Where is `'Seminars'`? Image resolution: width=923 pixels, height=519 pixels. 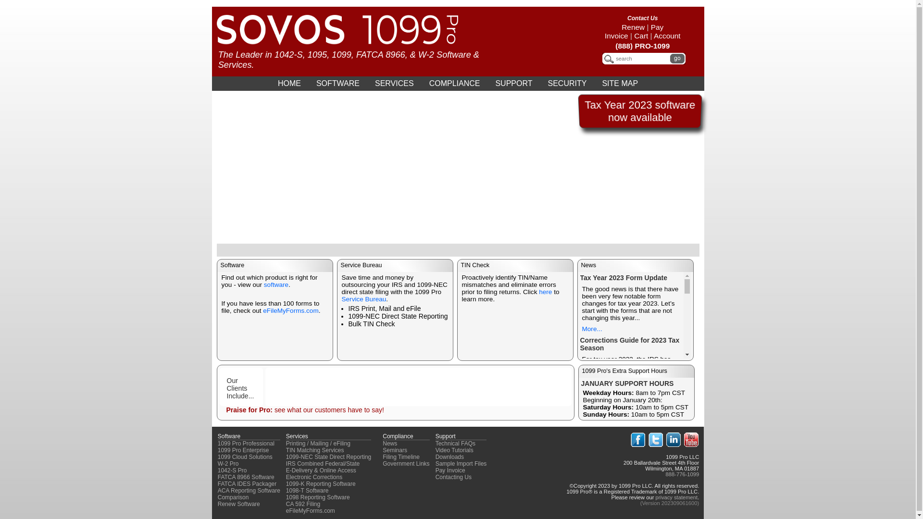 'Seminars' is located at coordinates (382, 450).